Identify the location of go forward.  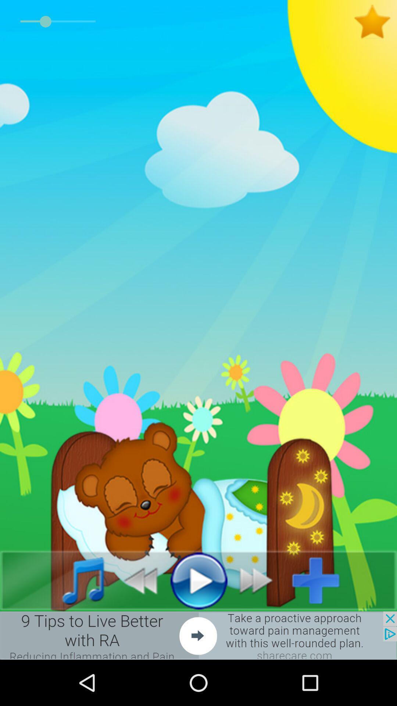
(260, 580).